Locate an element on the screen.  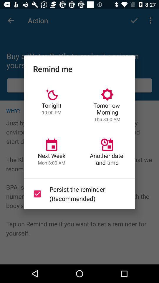
the persist the reminder at the bottom is located at coordinates (78, 193).